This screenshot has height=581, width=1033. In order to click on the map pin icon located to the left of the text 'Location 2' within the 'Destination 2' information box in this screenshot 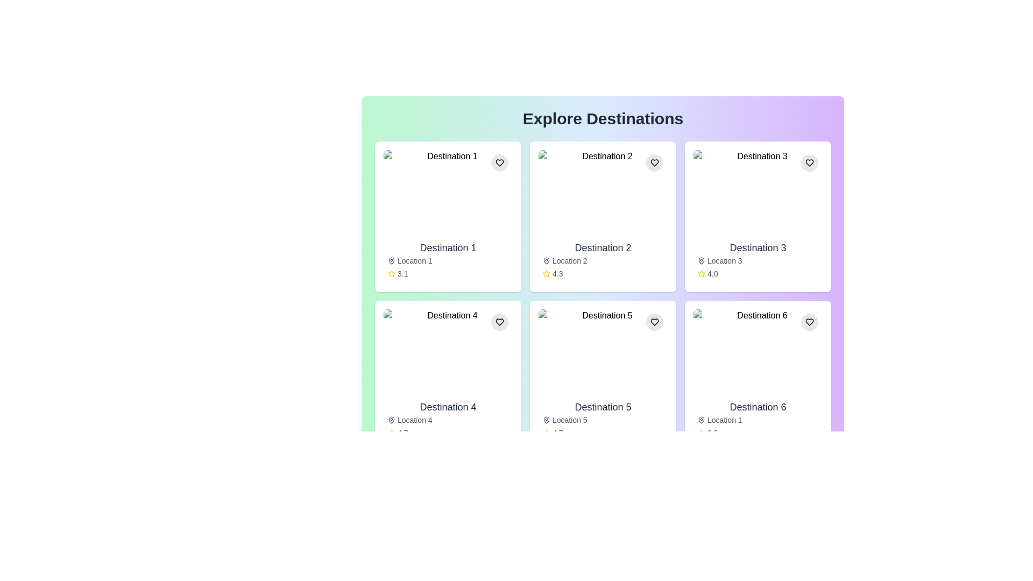, I will do `click(547, 261)`.